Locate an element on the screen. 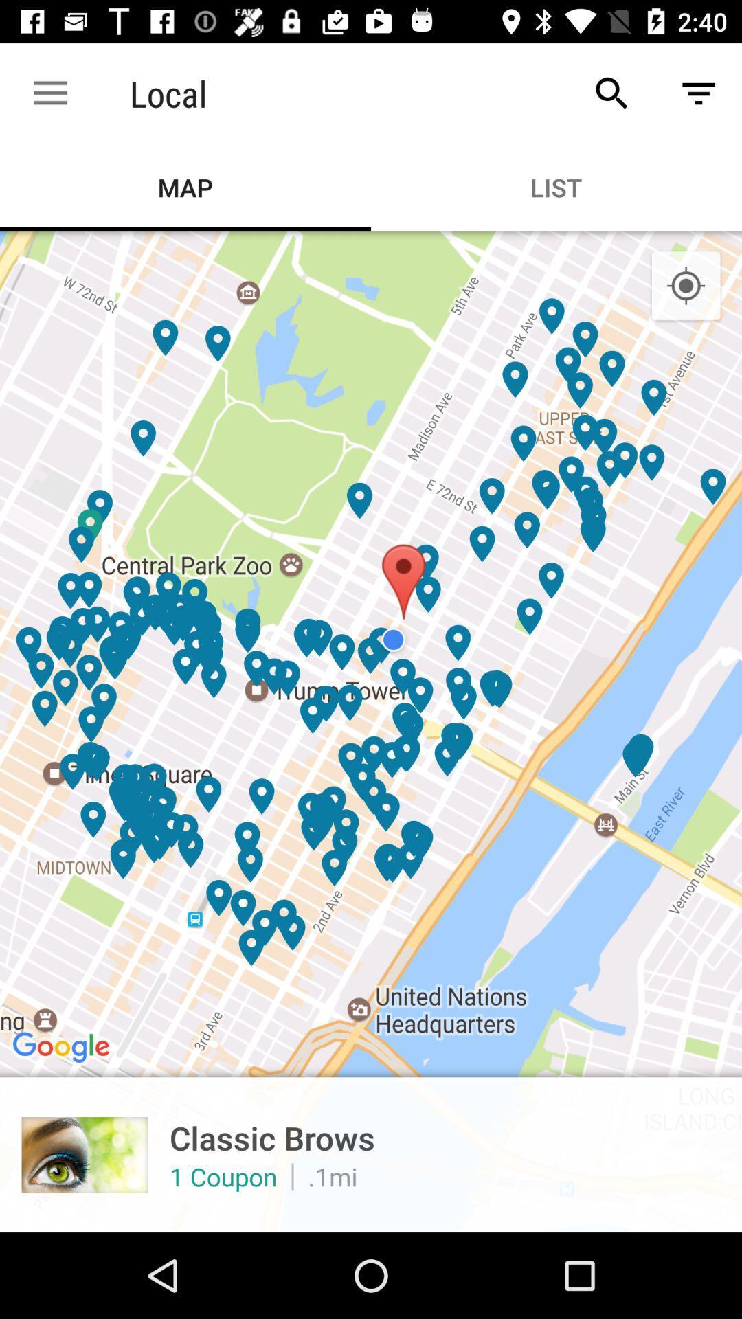 The image size is (742, 1319). icon to the right of the local is located at coordinates (611, 93).